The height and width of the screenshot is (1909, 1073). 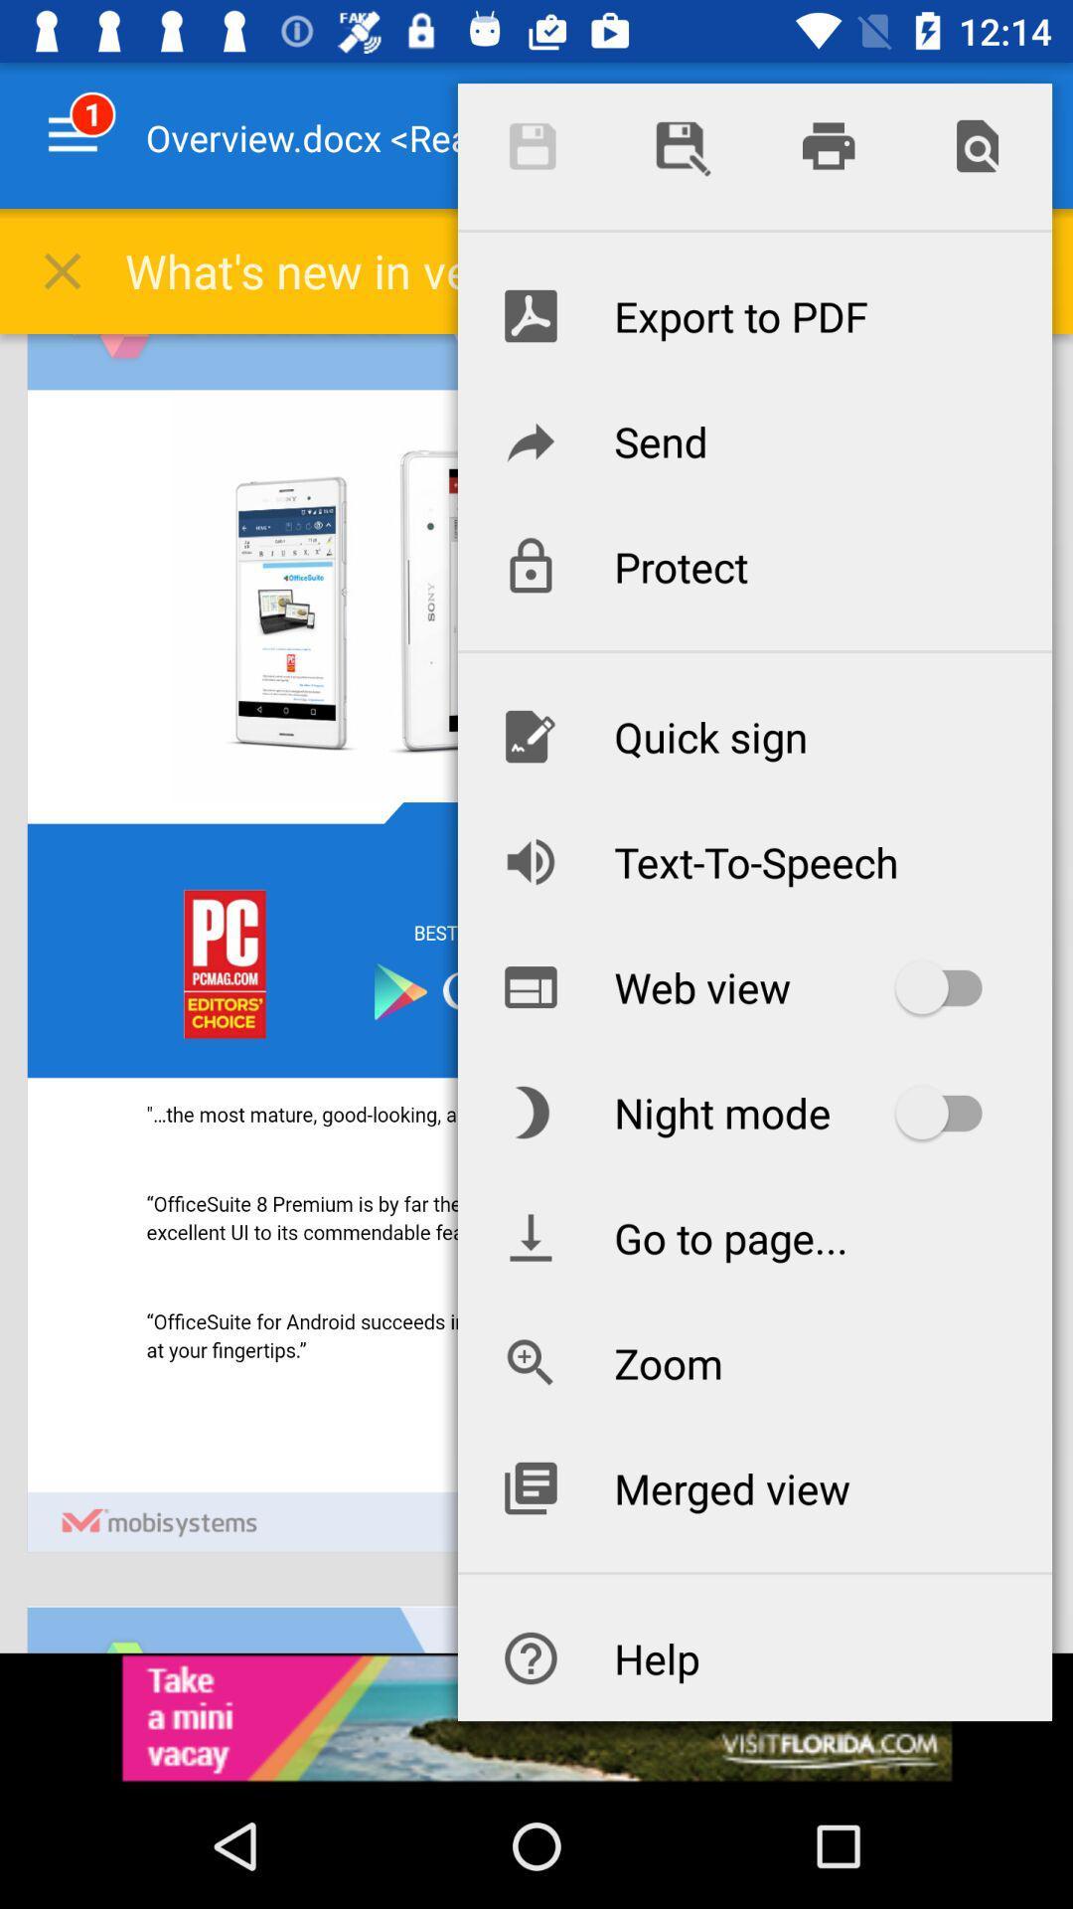 What do you see at coordinates (754, 1488) in the screenshot?
I see `merged view` at bounding box center [754, 1488].